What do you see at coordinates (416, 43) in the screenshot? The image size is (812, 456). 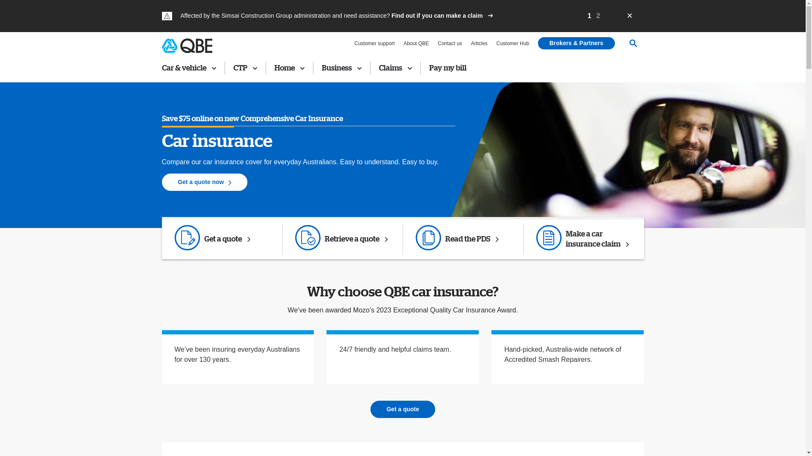 I see `'About QBE'` at bounding box center [416, 43].